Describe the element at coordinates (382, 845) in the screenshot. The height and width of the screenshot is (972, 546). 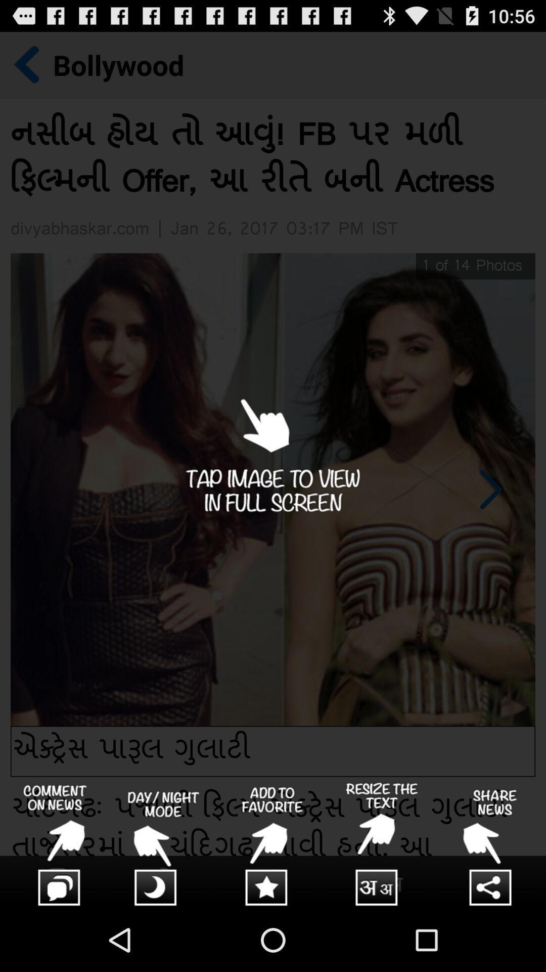
I see `right down option` at that location.